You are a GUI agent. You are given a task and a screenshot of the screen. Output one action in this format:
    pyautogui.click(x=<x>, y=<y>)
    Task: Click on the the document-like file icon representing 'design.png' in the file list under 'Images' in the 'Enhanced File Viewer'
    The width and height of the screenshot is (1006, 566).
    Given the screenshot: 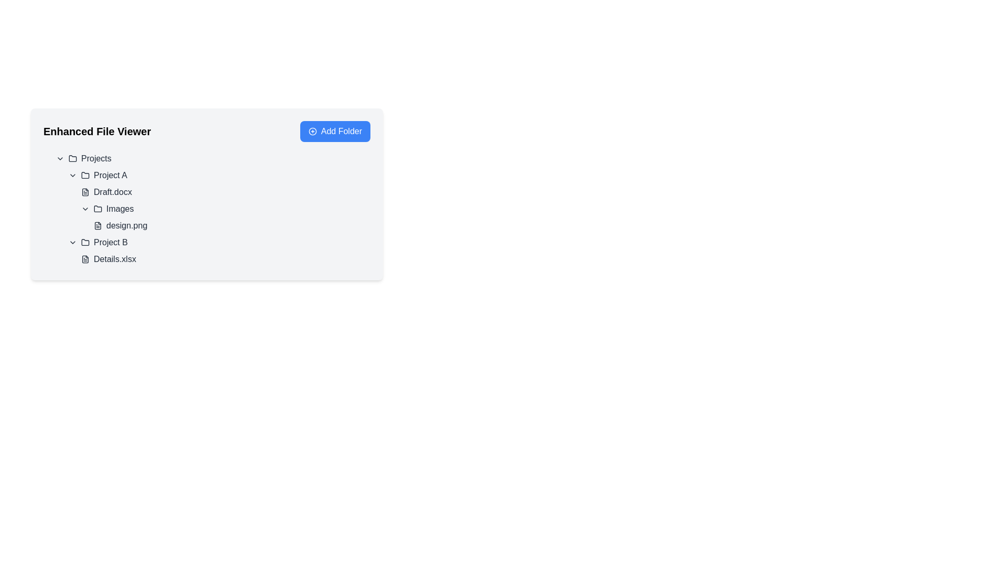 What is the action you would take?
    pyautogui.click(x=98, y=225)
    